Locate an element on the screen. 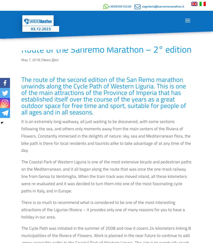 This screenshot has height=243, width=213. '|' is located at coordinates (40, 60).